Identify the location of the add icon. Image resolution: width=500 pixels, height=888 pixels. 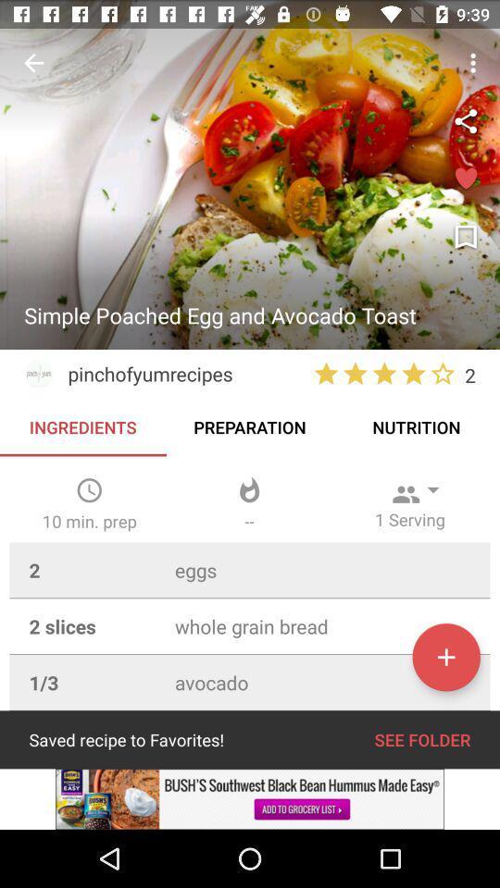
(445, 657).